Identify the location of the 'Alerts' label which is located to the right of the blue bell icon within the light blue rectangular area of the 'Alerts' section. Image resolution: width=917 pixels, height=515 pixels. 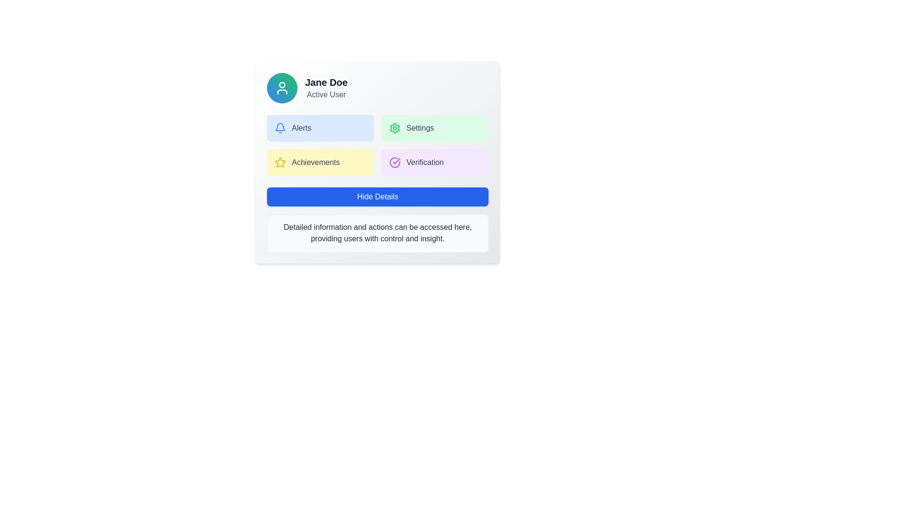
(301, 128).